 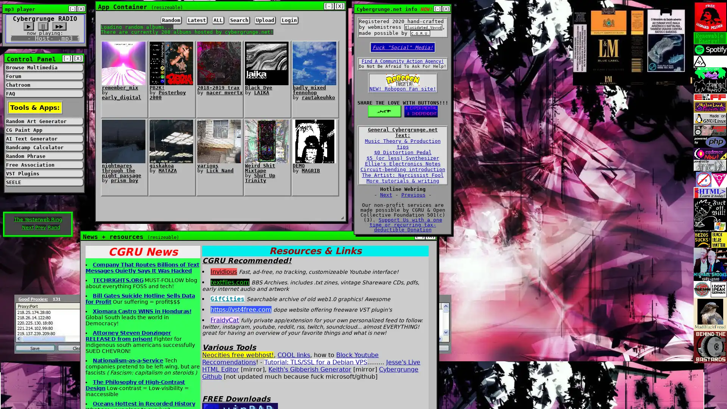 What do you see at coordinates (339, 6) in the screenshot?
I see `[X]` at bounding box center [339, 6].